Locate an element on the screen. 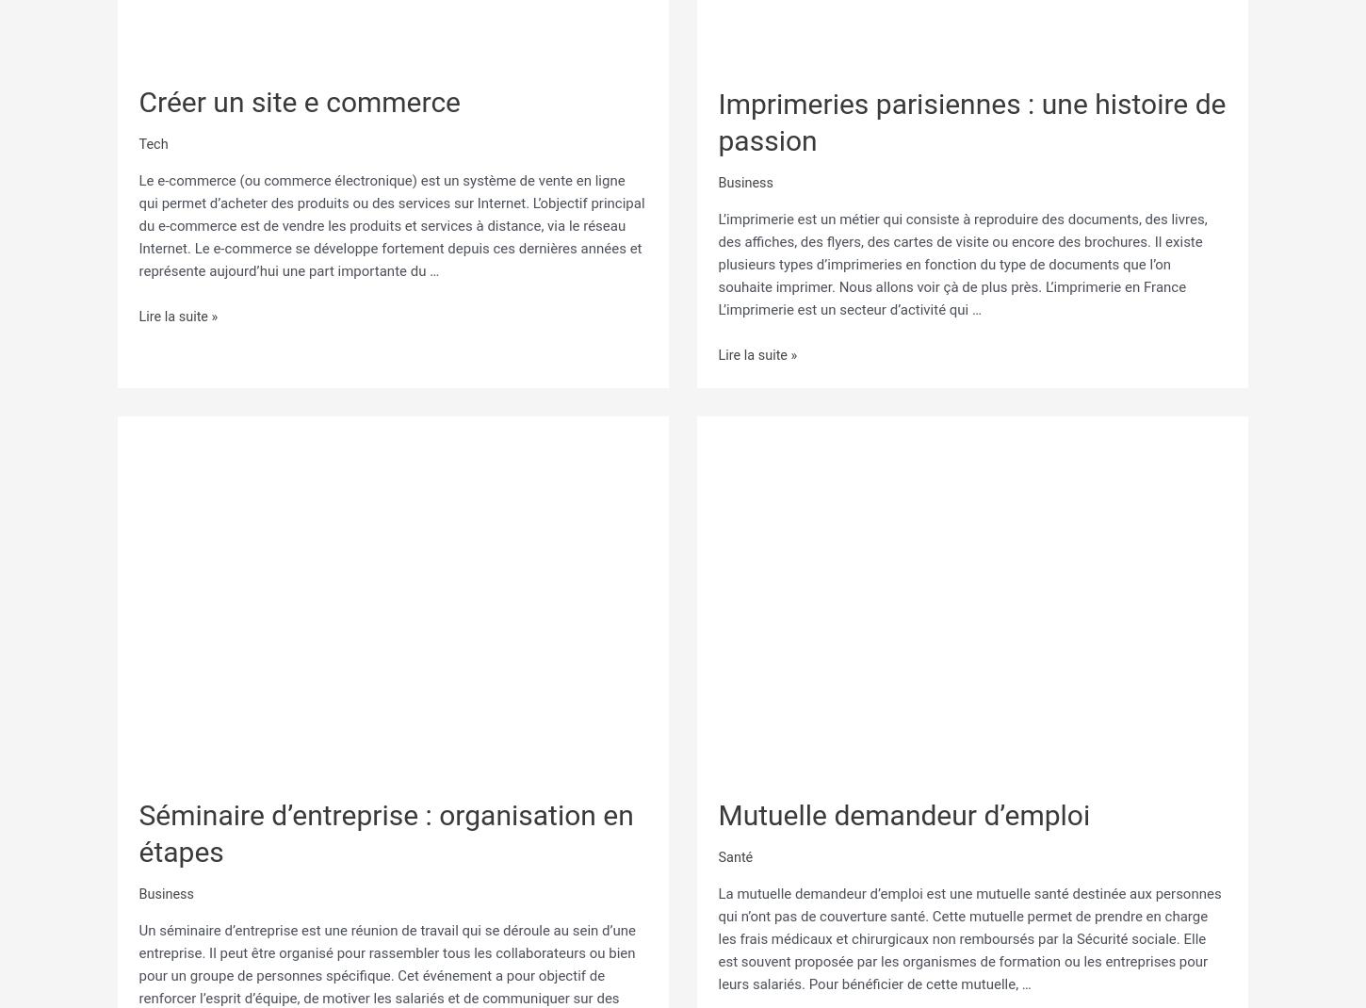  'Créer un site e commerce' is located at coordinates (299, 95).